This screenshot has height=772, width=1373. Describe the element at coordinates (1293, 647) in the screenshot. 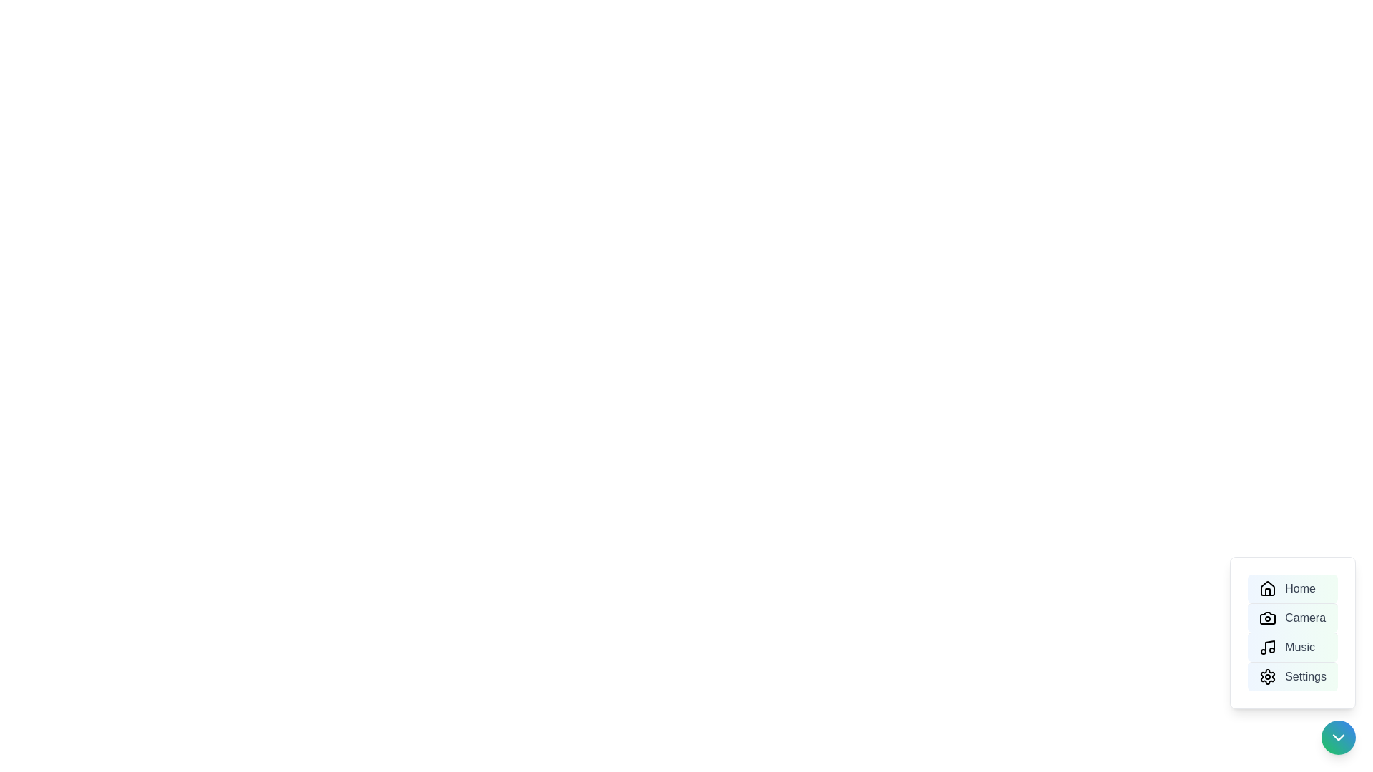

I see `the menu option Music to highlight it` at that location.